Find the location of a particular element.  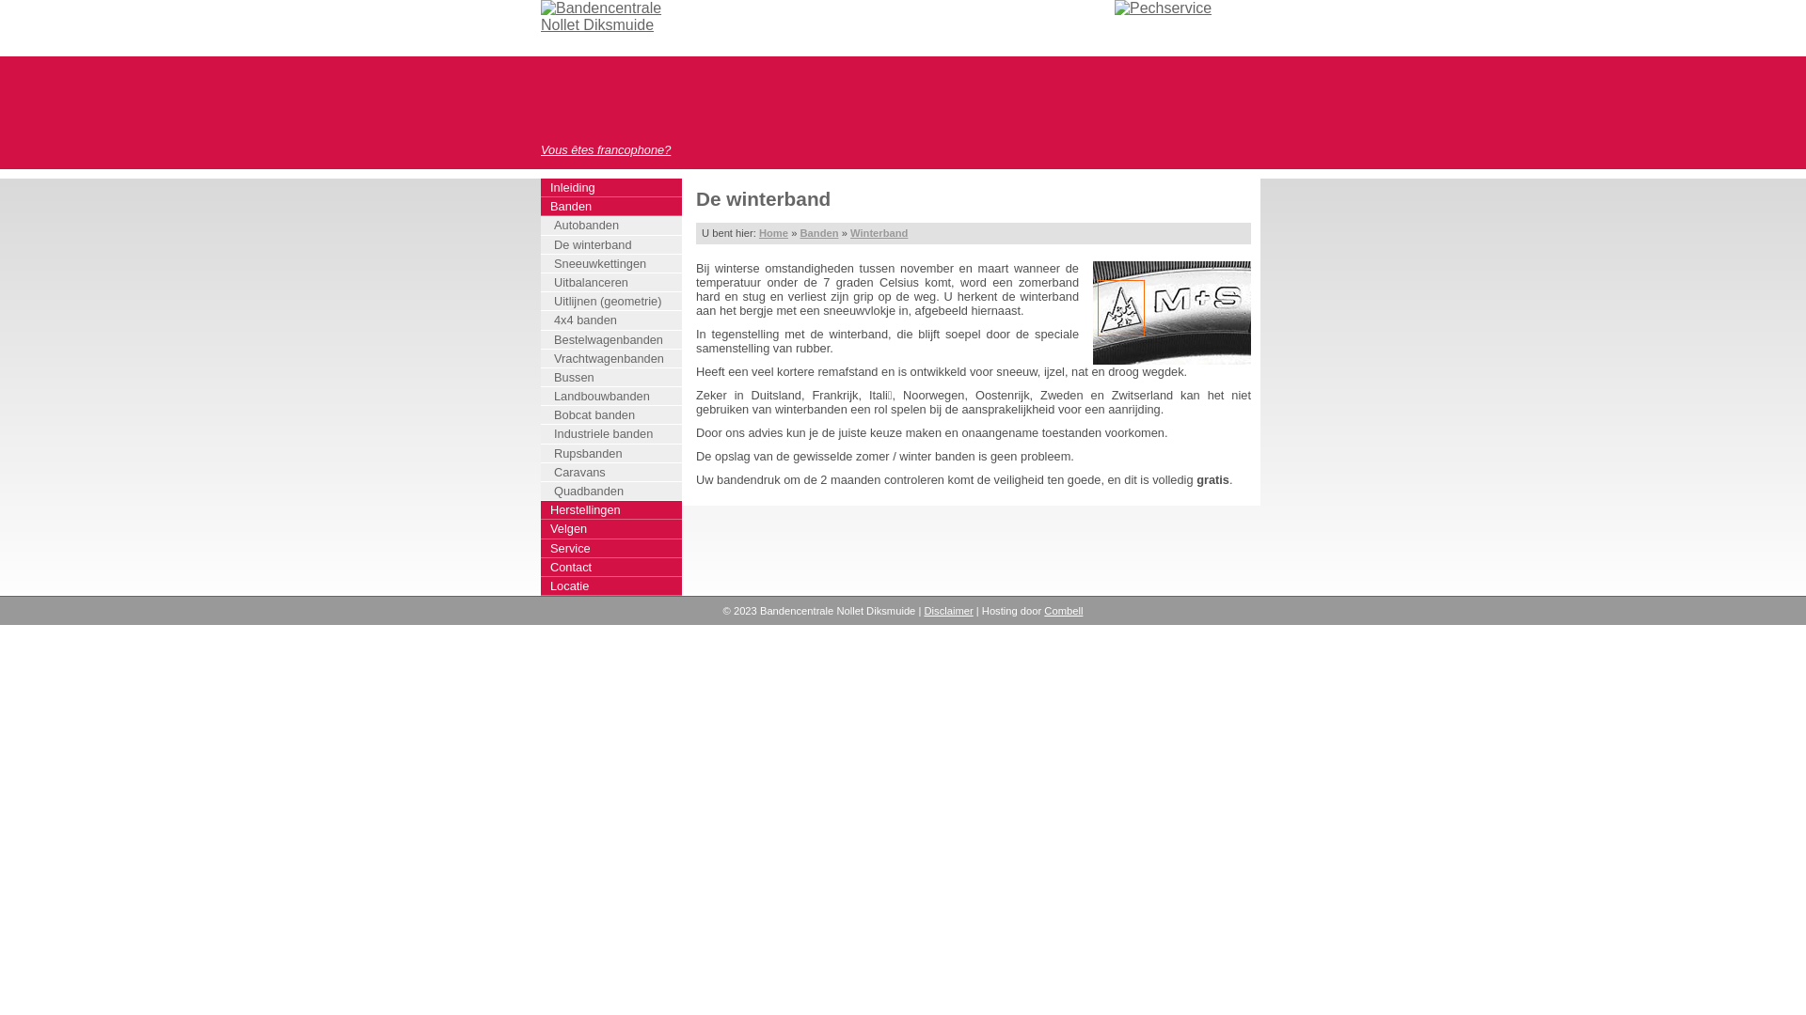

'Locatie' is located at coordinates (540, 586).